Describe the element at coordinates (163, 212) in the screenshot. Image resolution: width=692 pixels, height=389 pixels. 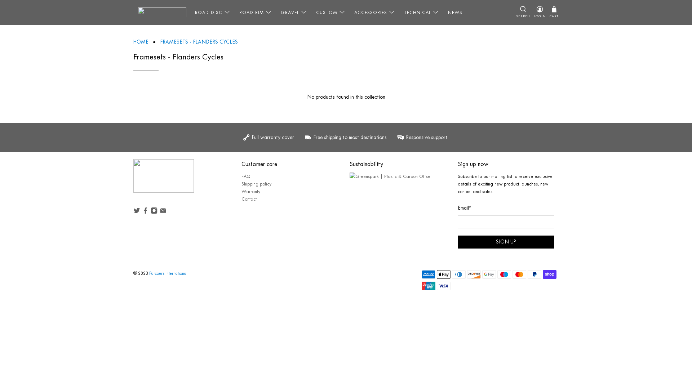
I see `'Email Parcours International'` at that location.